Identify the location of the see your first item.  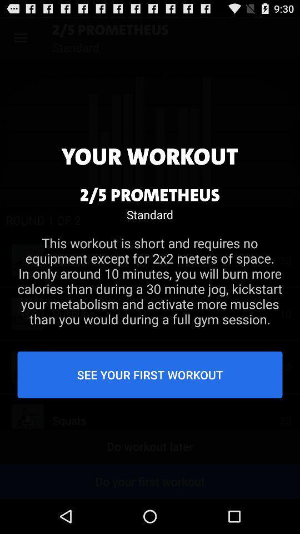
(150, 374).